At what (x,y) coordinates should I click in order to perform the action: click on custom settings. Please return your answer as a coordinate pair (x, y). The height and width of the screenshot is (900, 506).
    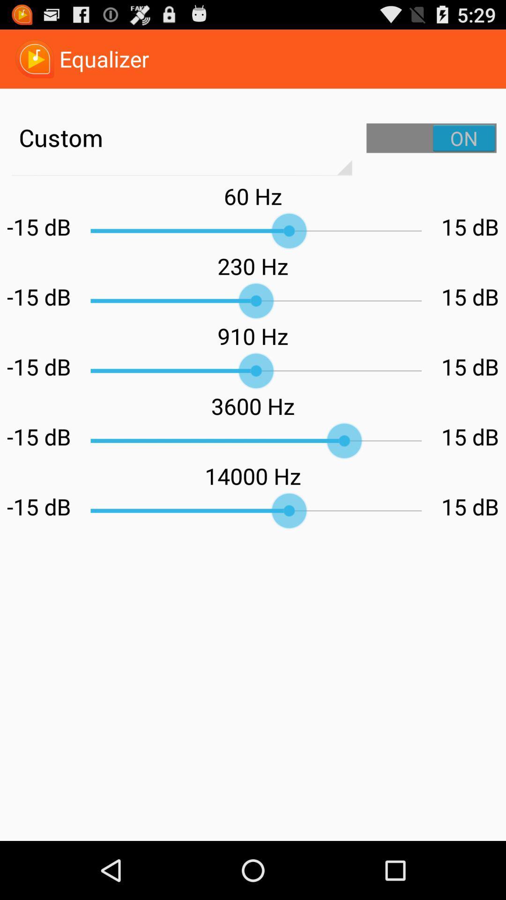
    Looking at the image, I should click on (432, 137).